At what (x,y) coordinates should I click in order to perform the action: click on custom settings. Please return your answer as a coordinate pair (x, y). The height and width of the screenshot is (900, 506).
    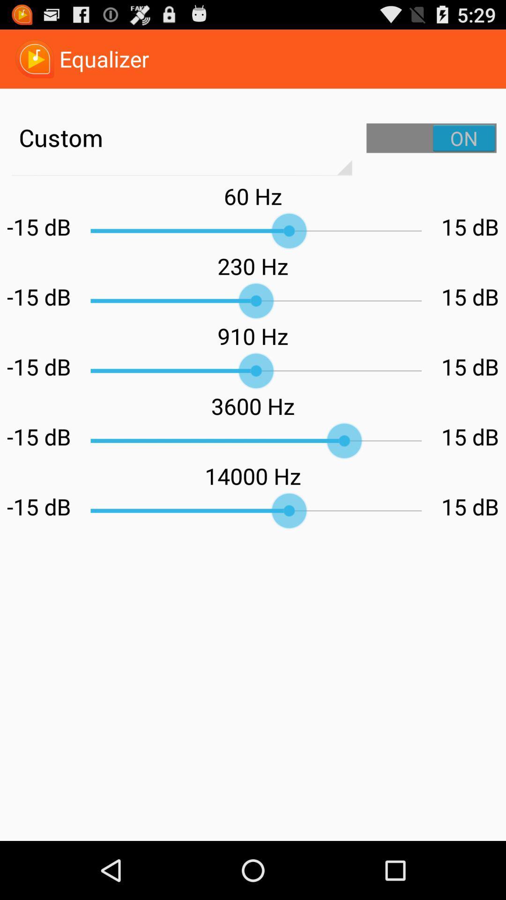
    Looking at the image, I should click on (432, 137).